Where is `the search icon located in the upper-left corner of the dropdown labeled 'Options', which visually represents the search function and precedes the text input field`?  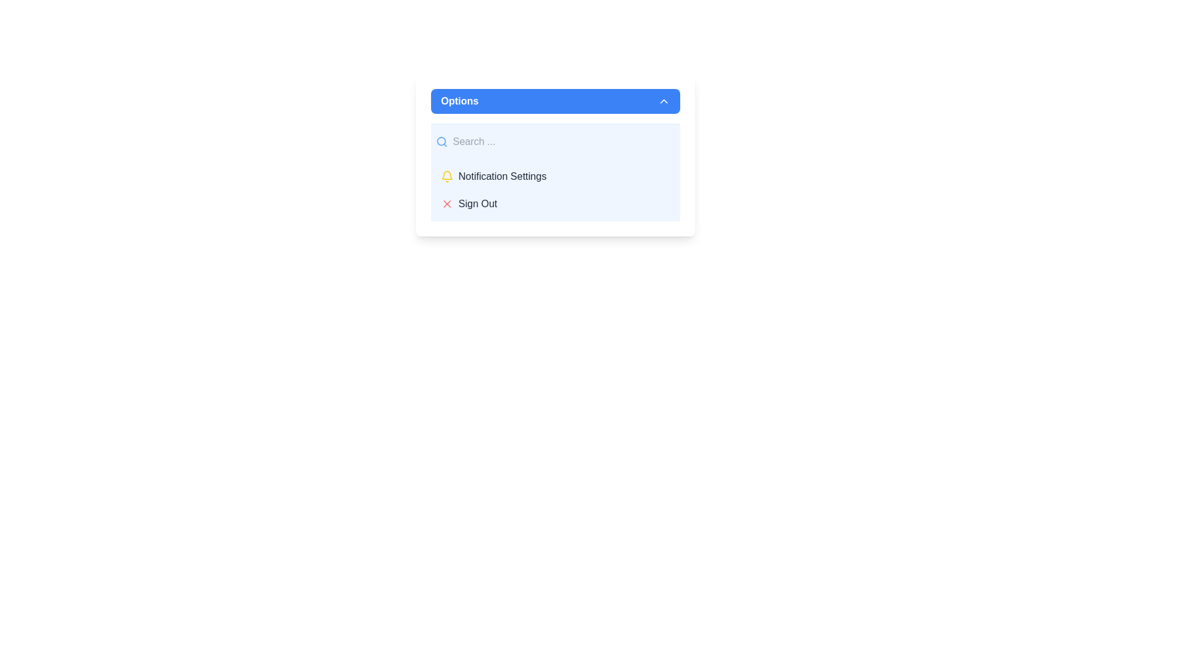
the search icon located in the upper-left corner of the dropdown labeled 'Options', which visually represents the search function and precedes the text input field is located at coordinates (442, 141).